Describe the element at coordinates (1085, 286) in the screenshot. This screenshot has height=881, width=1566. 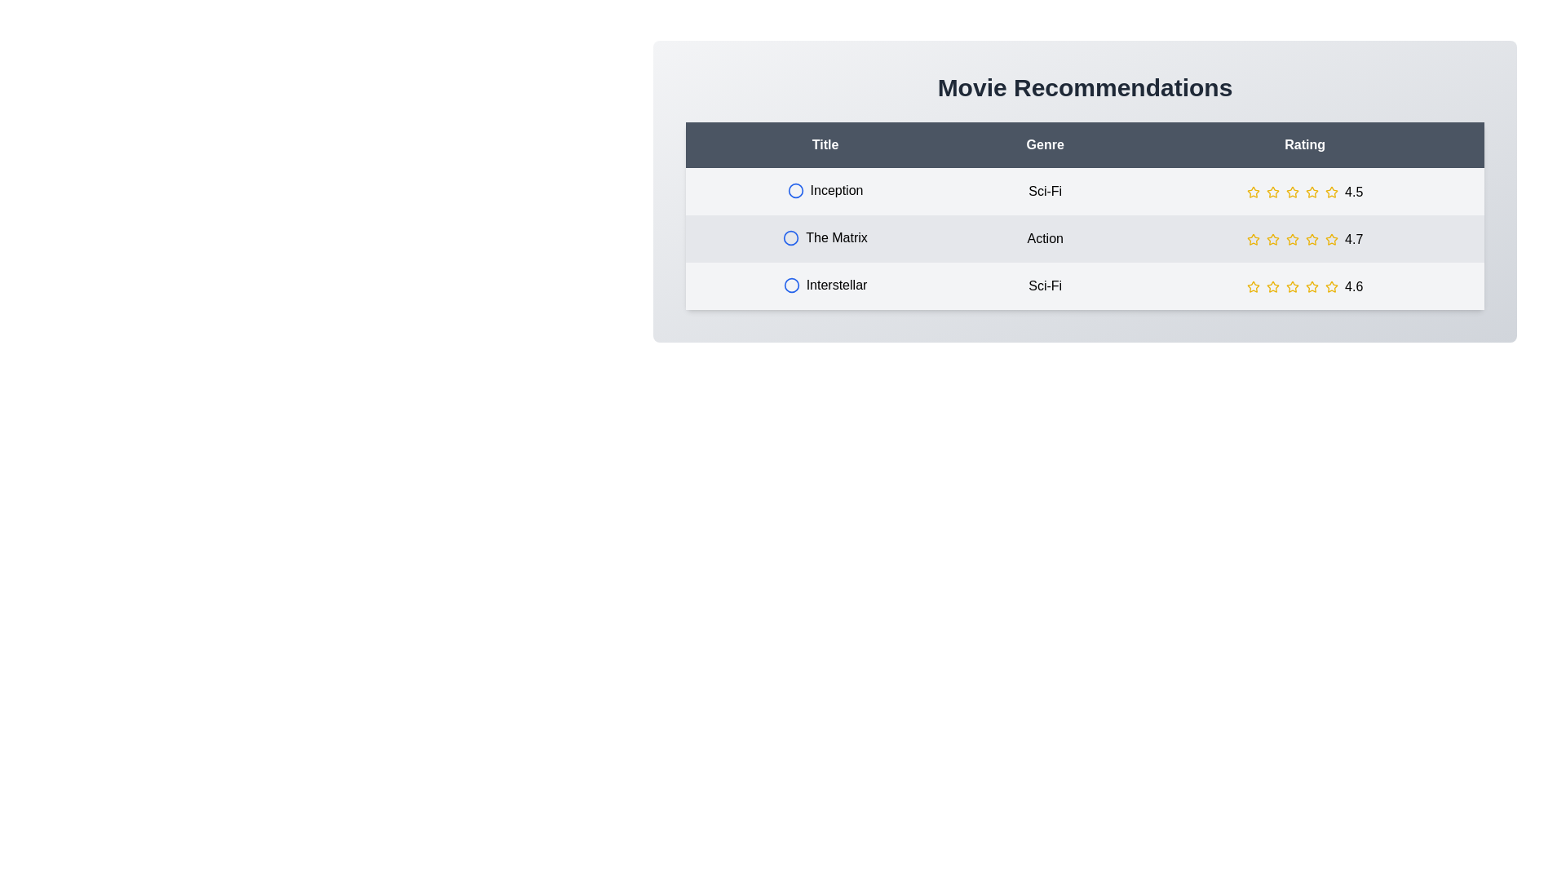
I see `the row corresponding to Interstellar` at that location.